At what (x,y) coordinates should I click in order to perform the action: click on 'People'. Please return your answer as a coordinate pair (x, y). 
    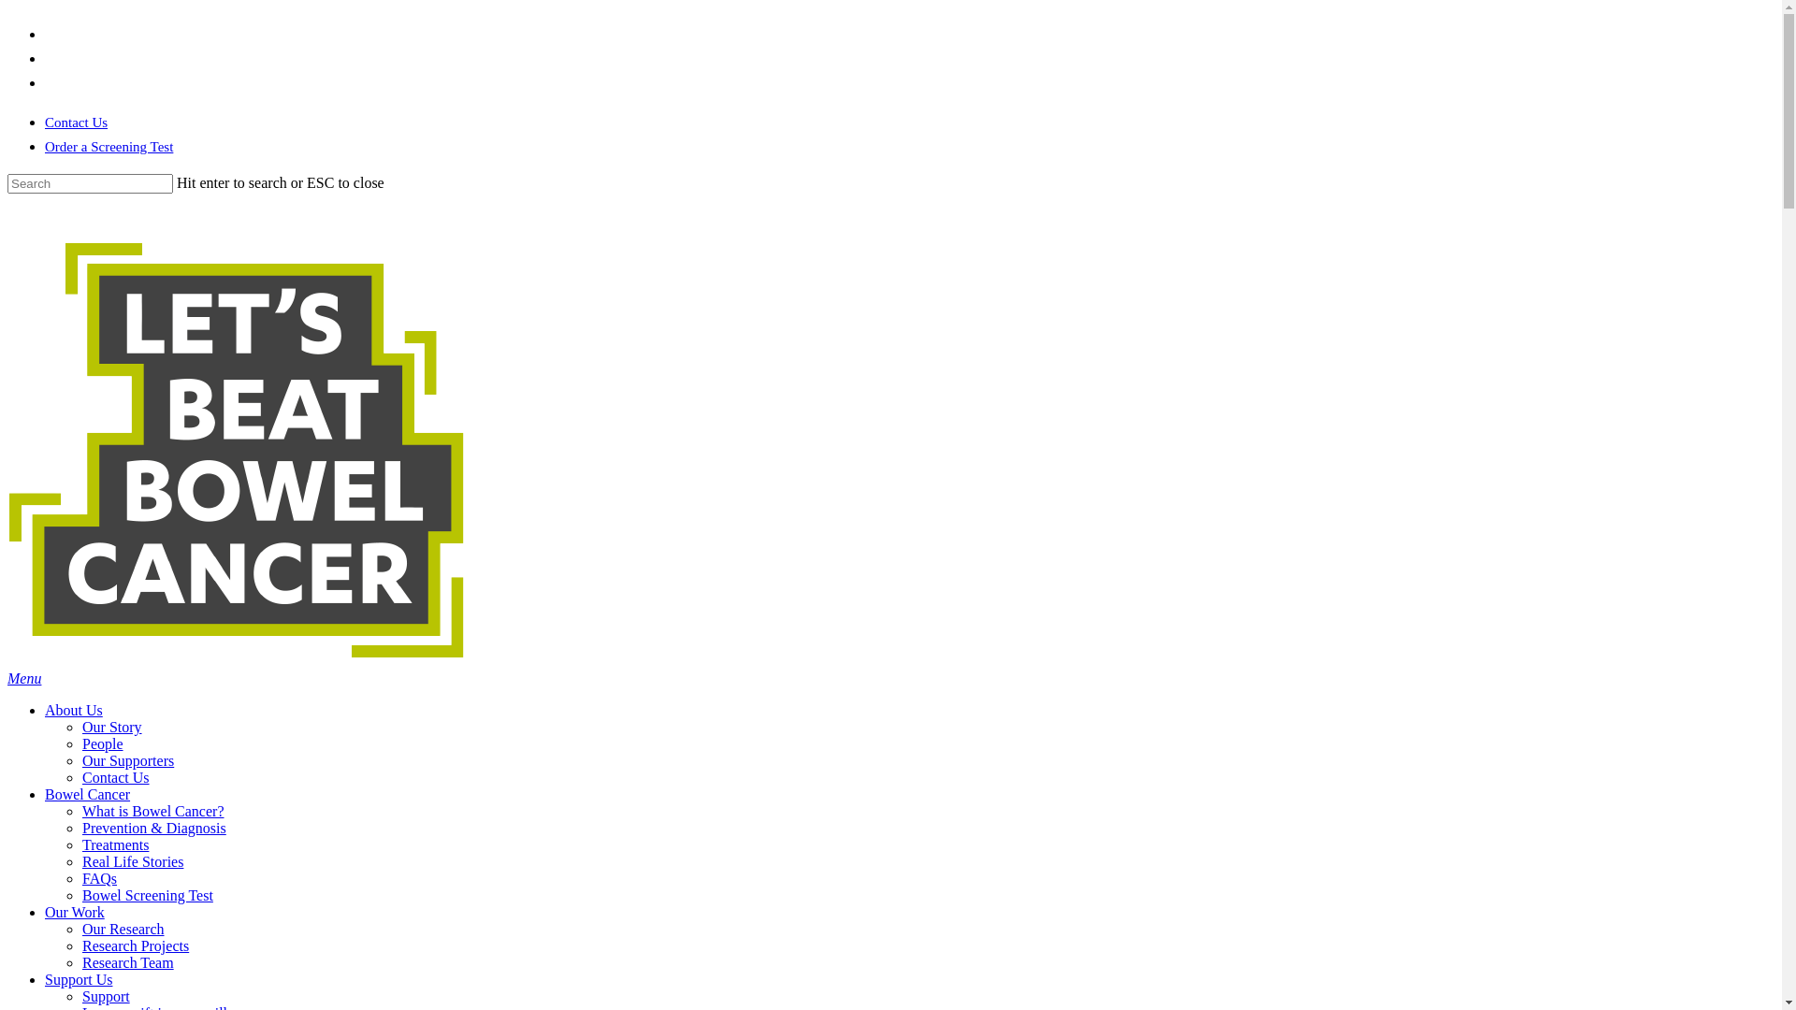
    Looking at the image, I should click on (80, 743).